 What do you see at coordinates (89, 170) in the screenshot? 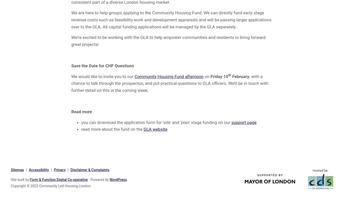
I see `'Disclaimer & Complaints'` at bounding box center [89, 170].